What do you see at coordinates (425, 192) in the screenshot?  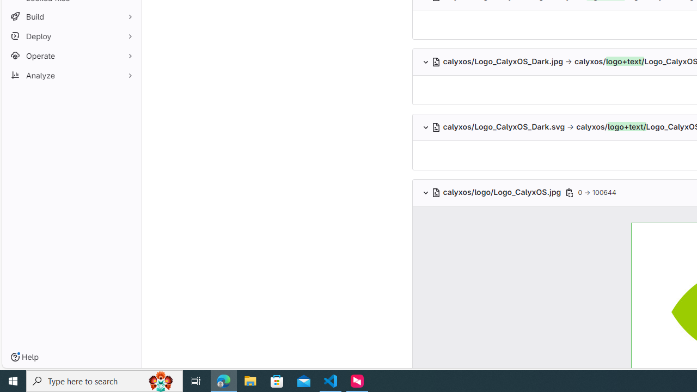 I see `'Class: s16 chevron-down'` at bounding box center [425, 192].